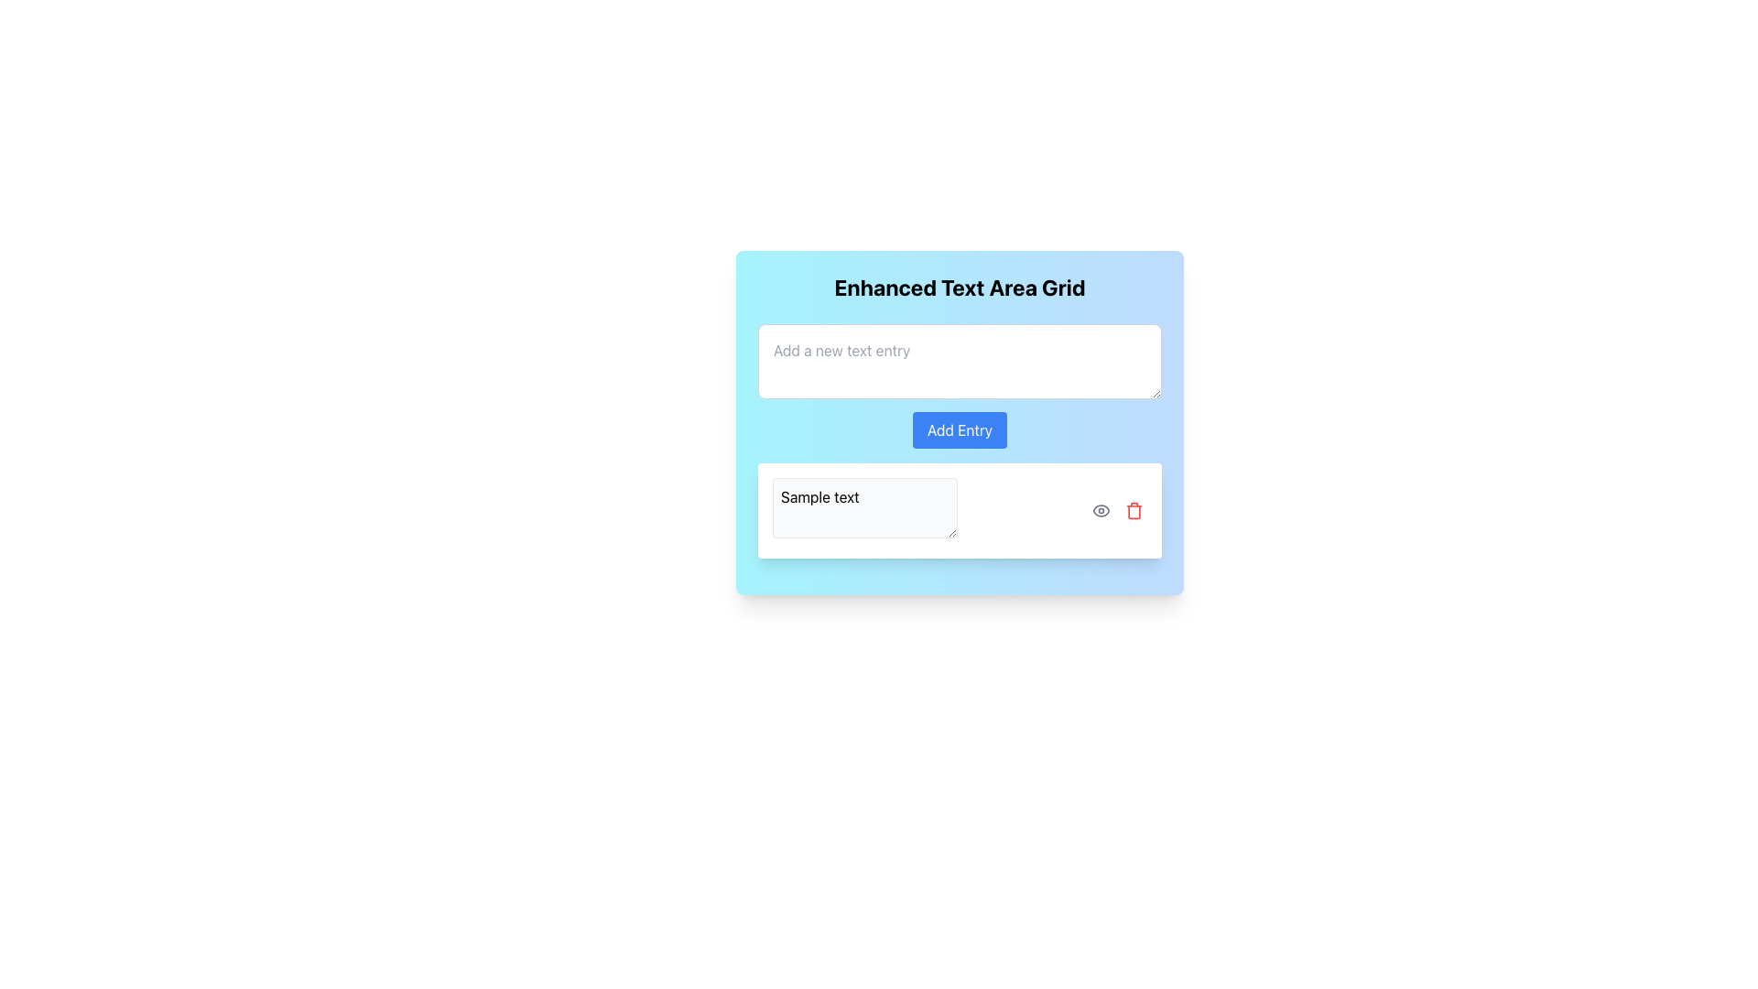  Describe the element at coordinates (1101, 511) in the screenshot. I see `the visibility toggle button located beneath the 'Sample text' entry, which is the leftmost icon among two icon buttons` at that location.